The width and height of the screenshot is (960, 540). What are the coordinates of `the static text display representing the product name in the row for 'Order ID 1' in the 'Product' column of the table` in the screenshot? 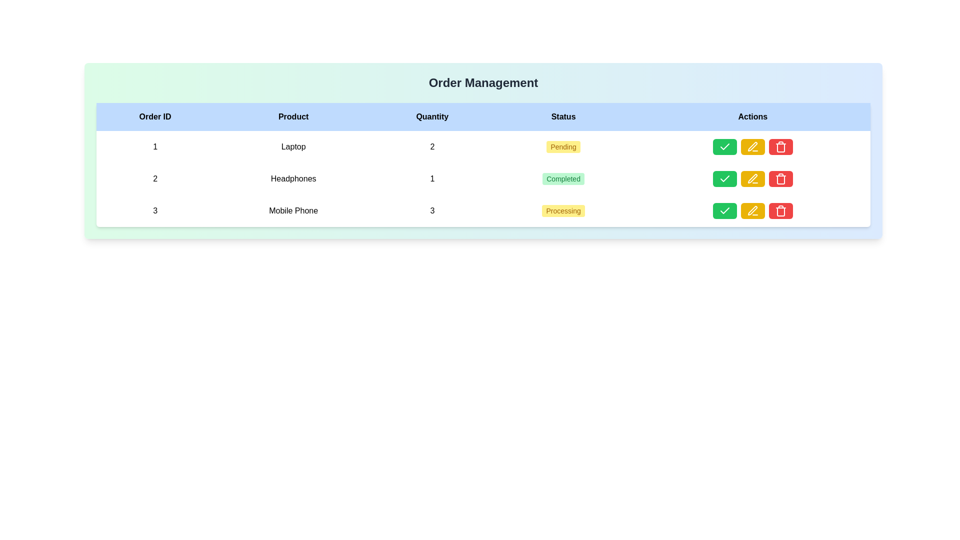 It's located at (293, 146).